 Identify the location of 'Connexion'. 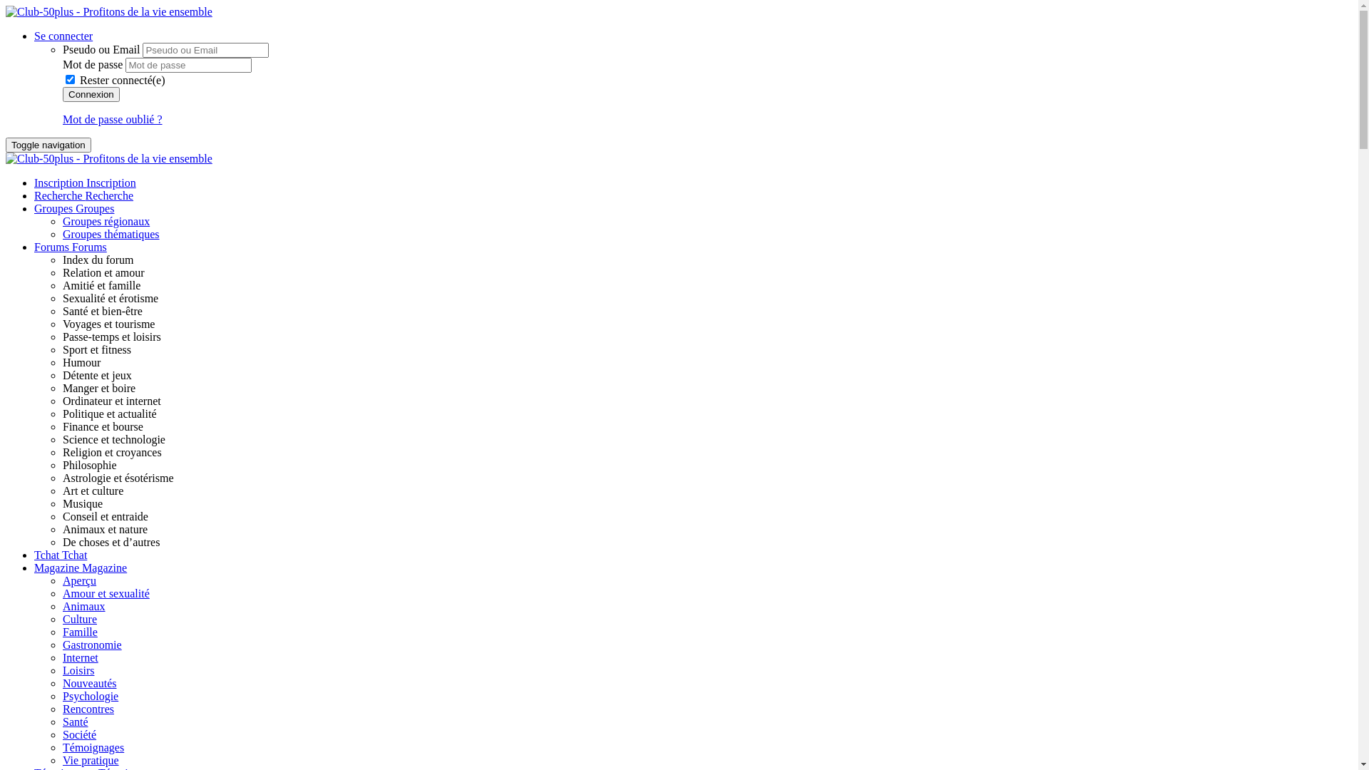
(91, 94).